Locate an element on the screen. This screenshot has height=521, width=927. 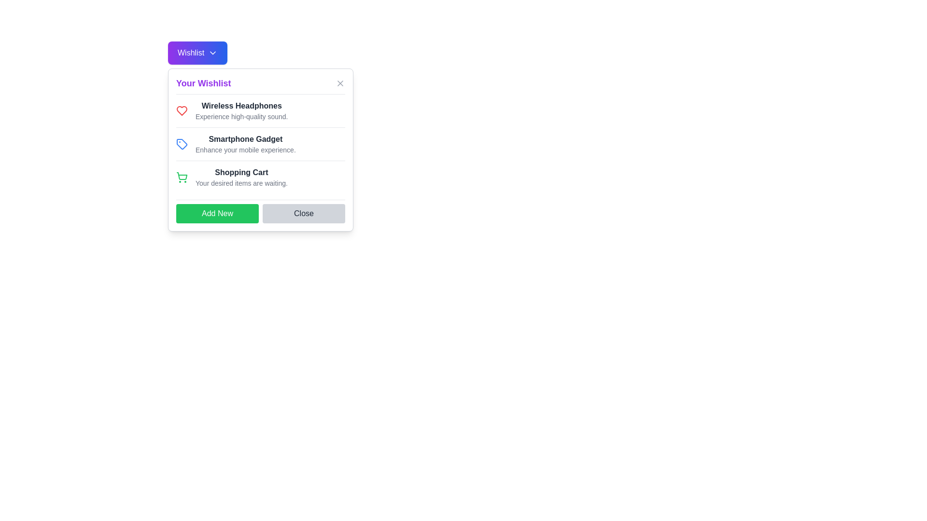
the blue tag icon located to the left of the text 'Smartphone Gadget' in the wishlist interface is located at coordinates (182, 144).